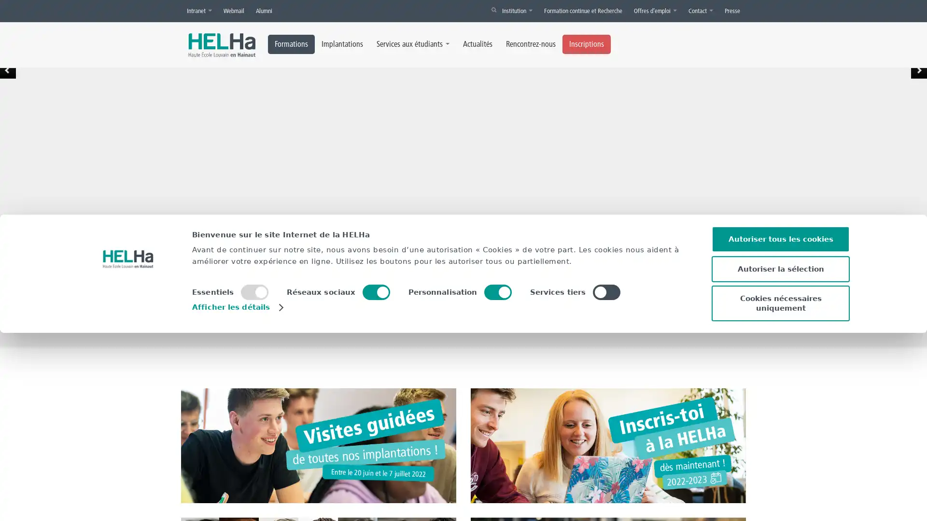 The image size is (927, 521). I want to click on Autoriser tous les cookies, so click(781, 427).